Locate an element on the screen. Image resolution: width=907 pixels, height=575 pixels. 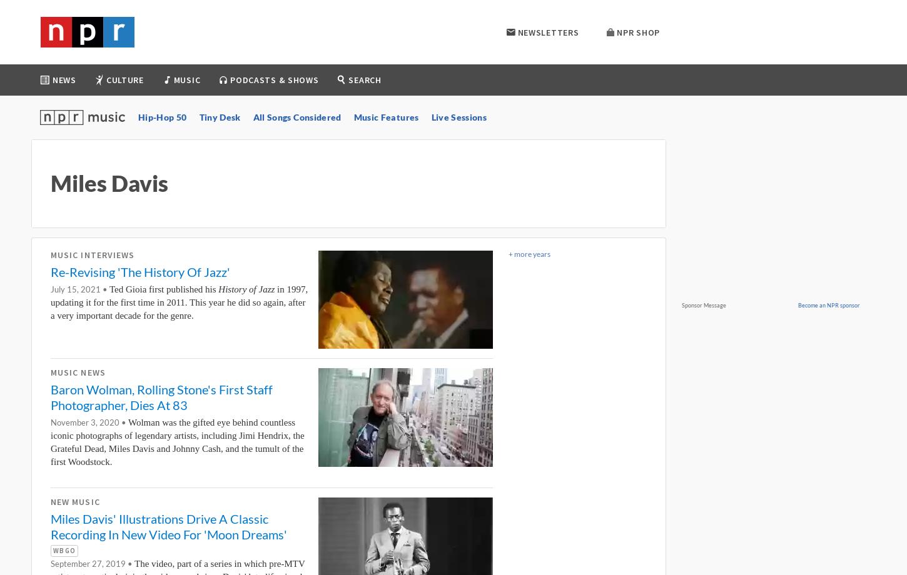
'+' is located at coordinates (509, 253).